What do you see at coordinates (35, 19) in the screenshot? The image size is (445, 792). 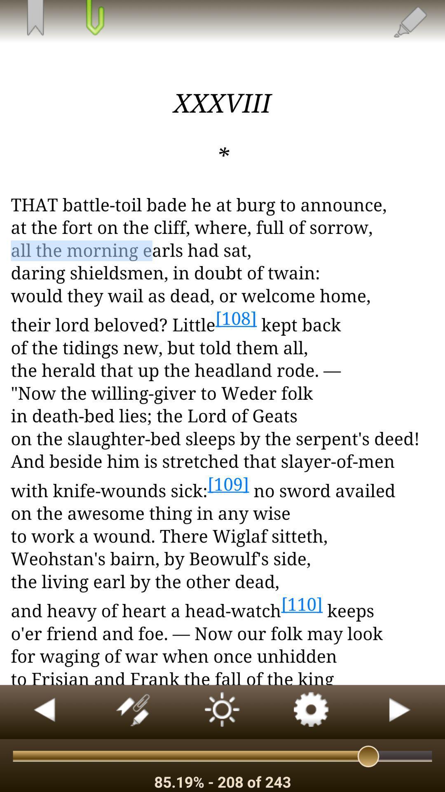 I see `bookmark the page` at bounding box center [35, 19].